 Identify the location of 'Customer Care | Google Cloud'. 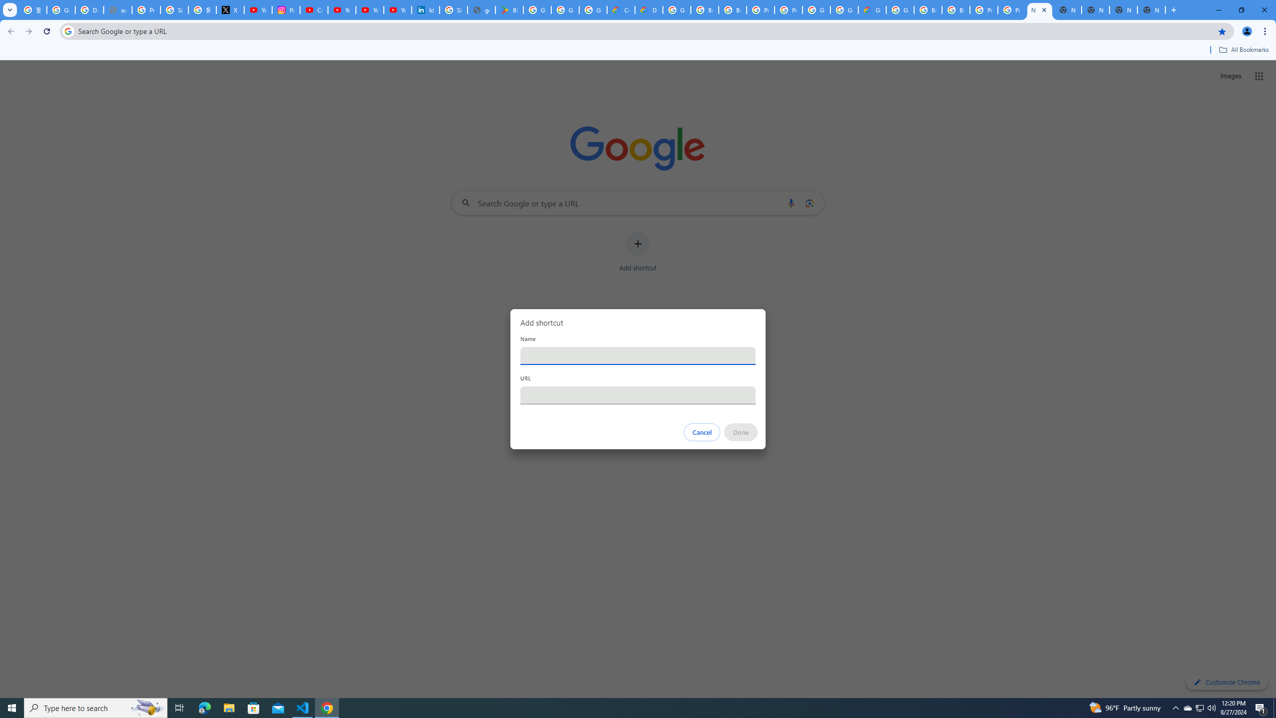
(620, 9).